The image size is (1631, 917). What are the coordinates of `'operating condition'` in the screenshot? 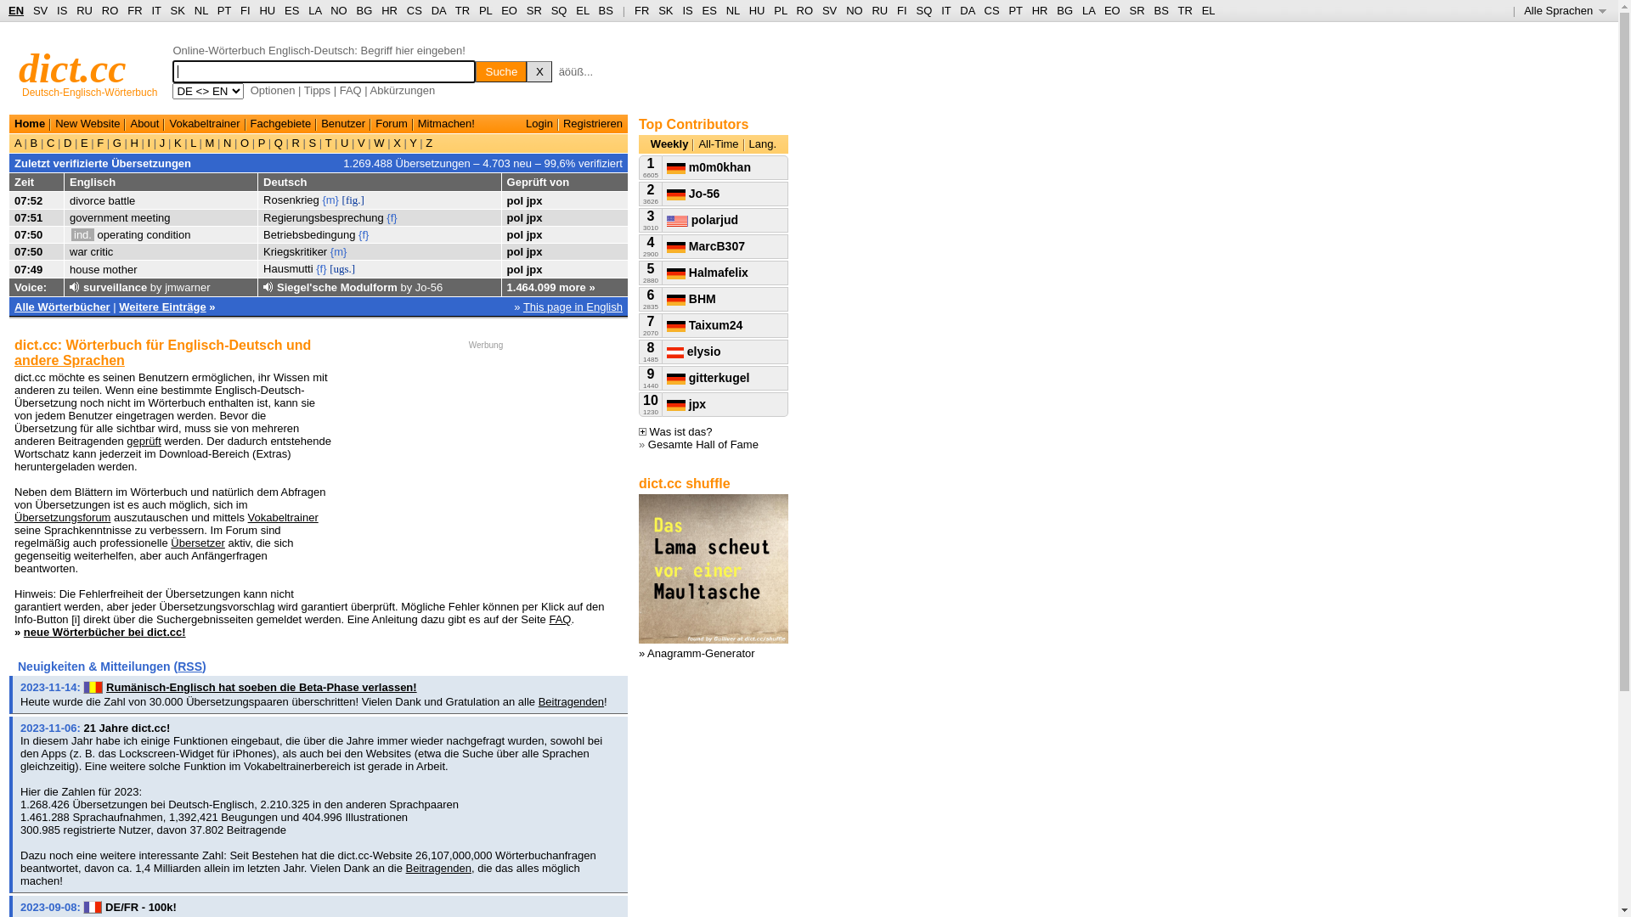 It's located at (144, 234).